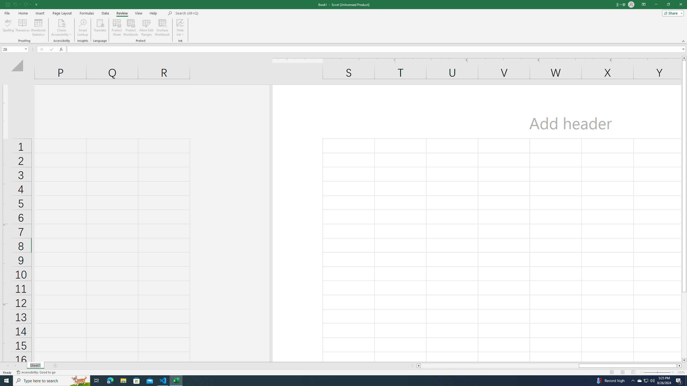 The height and width of the screenshot is (386, 687). Describe the element at coordinates (87, 13) in the screenshot. I see `'Formulas'` at that location.